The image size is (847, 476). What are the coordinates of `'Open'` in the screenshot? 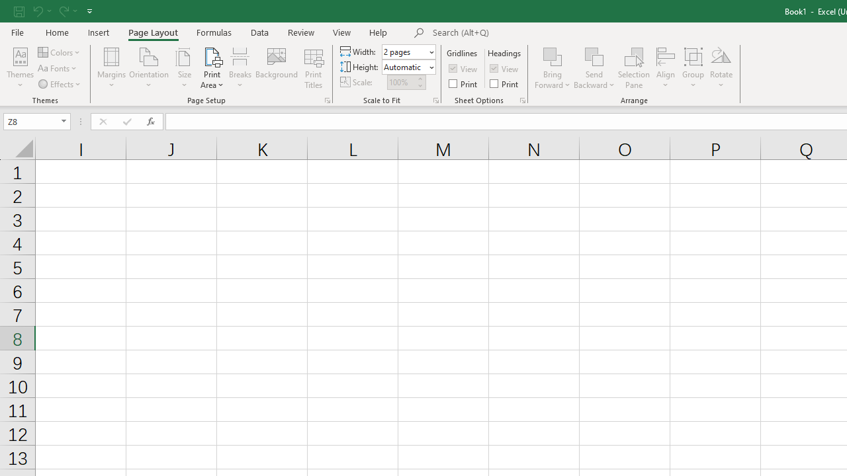 It's located at (64, 121).